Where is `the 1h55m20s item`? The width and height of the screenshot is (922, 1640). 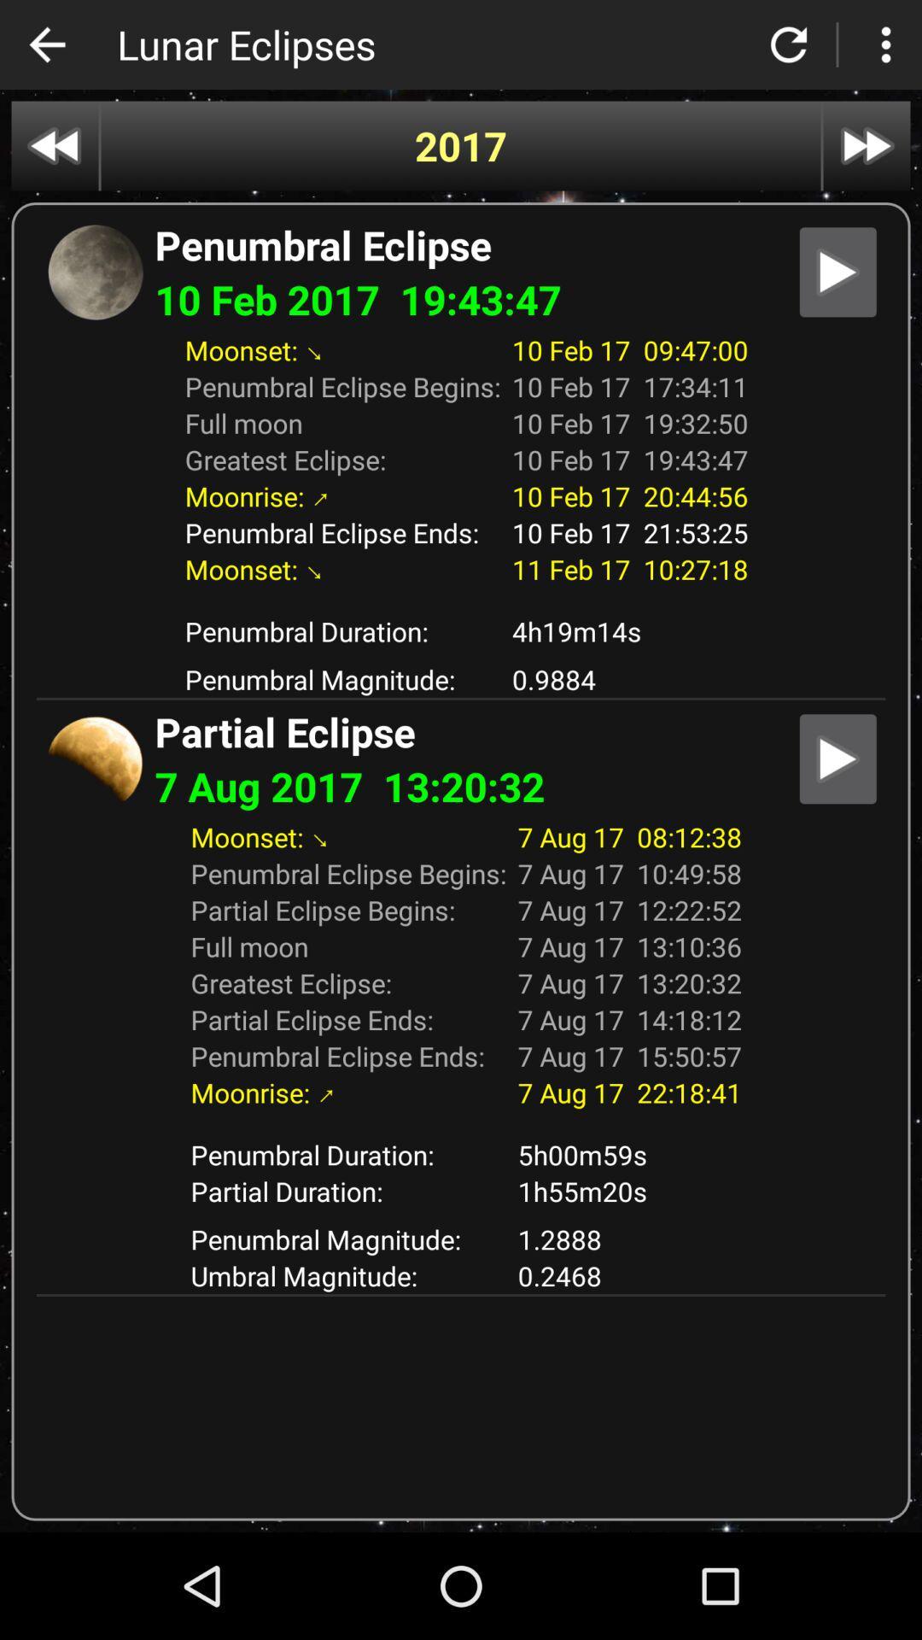
the 1h55m20s item is located at coordinates (629, 1190).